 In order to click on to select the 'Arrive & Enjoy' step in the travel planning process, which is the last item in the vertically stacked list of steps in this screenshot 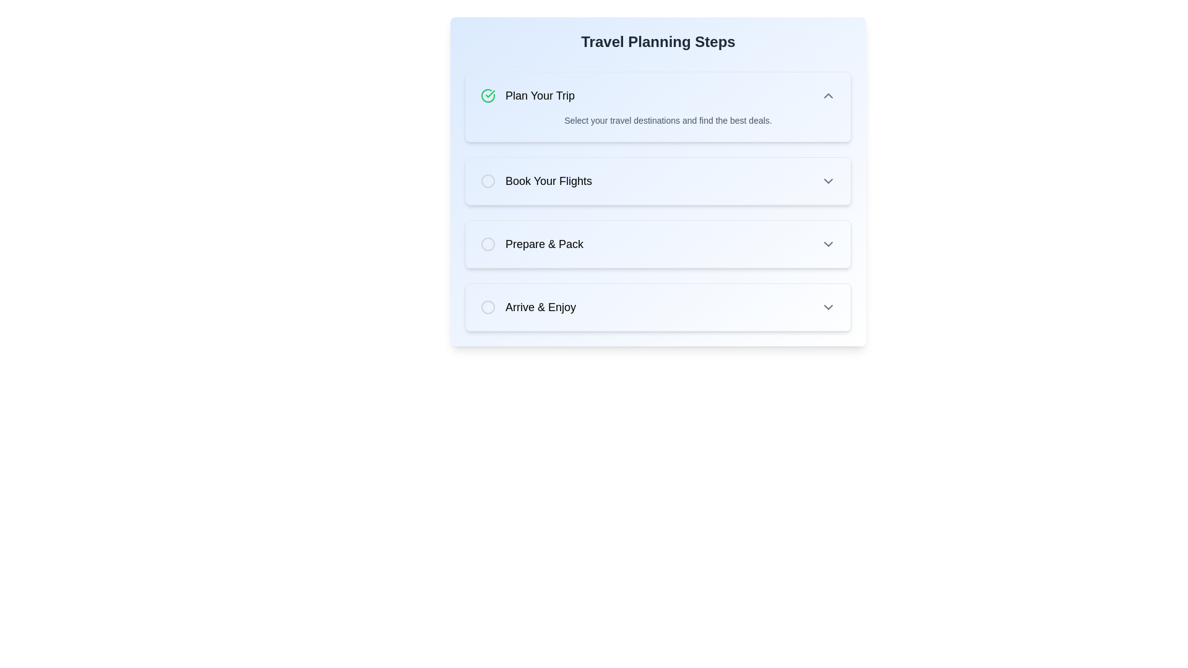, I will do `click(528, 307)`.